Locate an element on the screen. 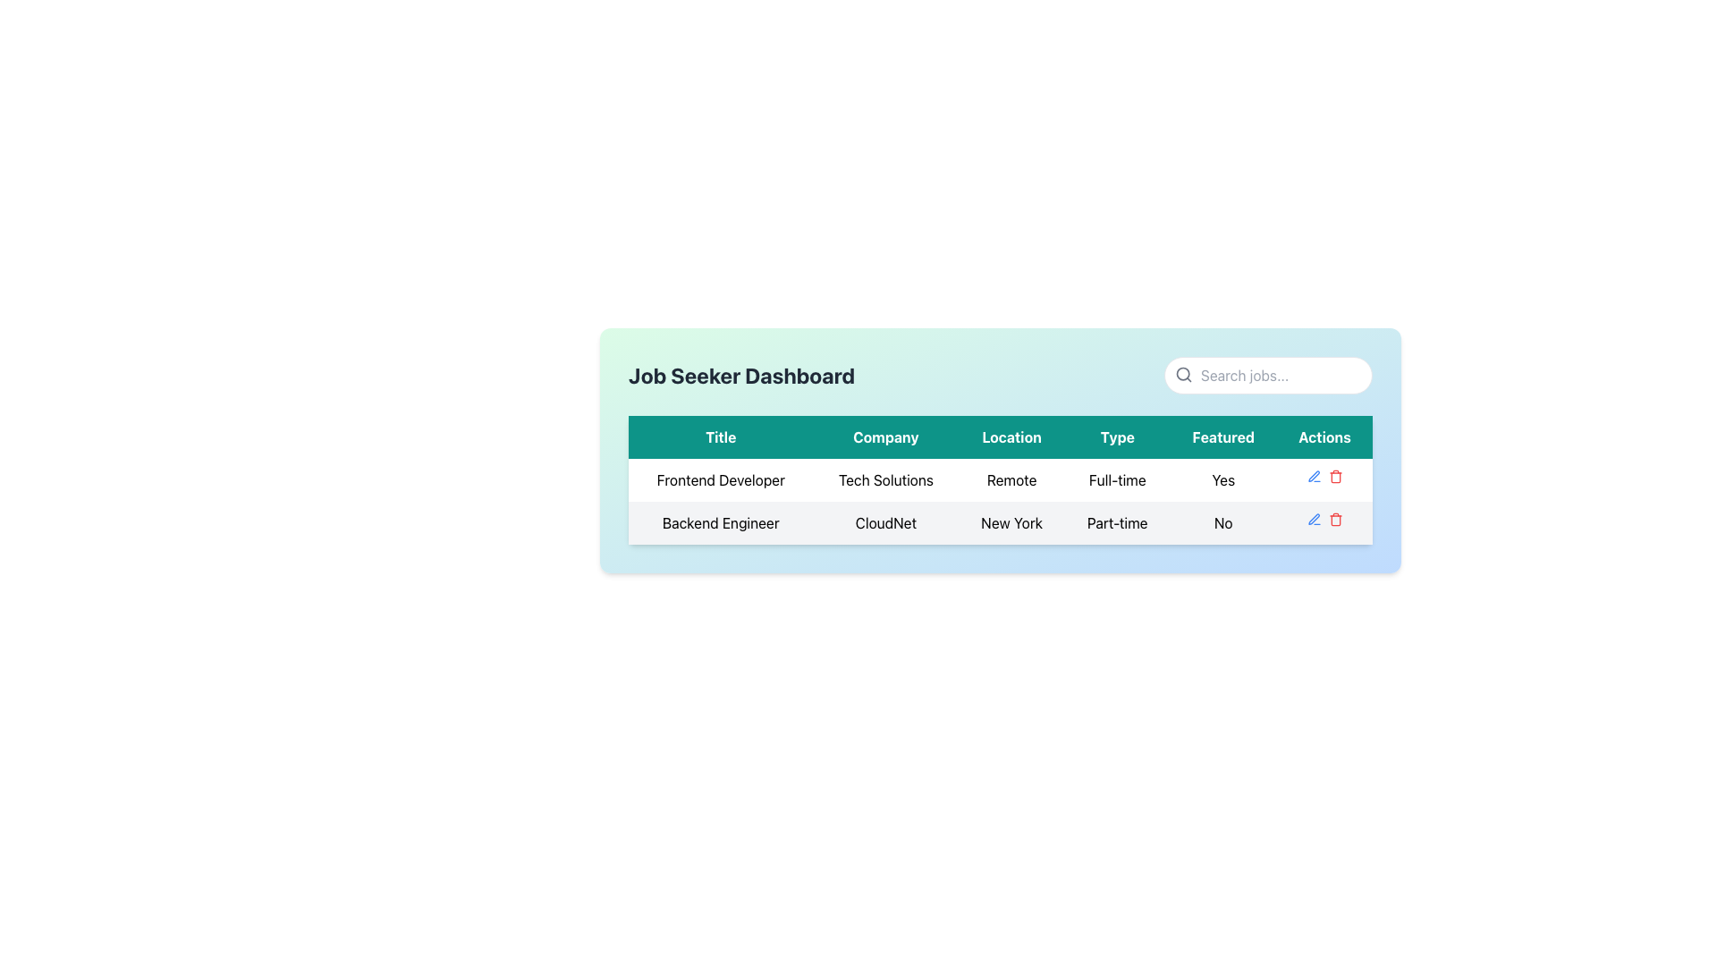 Image resolution: width=1717 pixels, height=966 pixels. text of the Table Header that indicates the header label for the first column of the table, which is positioned immediately to the left of the 'Company' column is located at coordinates (721, 437).